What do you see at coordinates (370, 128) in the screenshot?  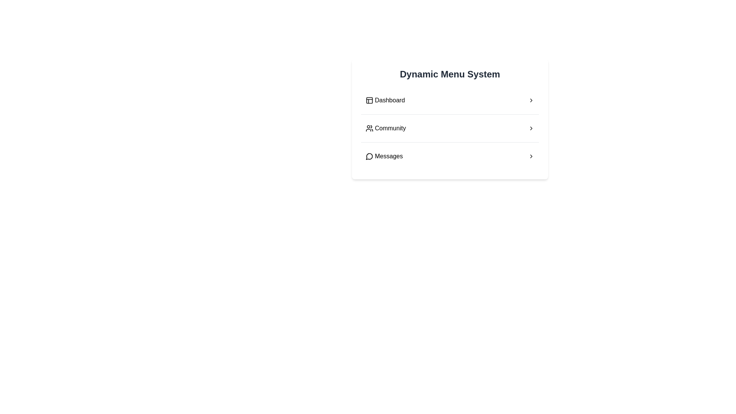 I see `the 'Community' icon element to interact with the associated menu item` at bounding box center [370, 128].